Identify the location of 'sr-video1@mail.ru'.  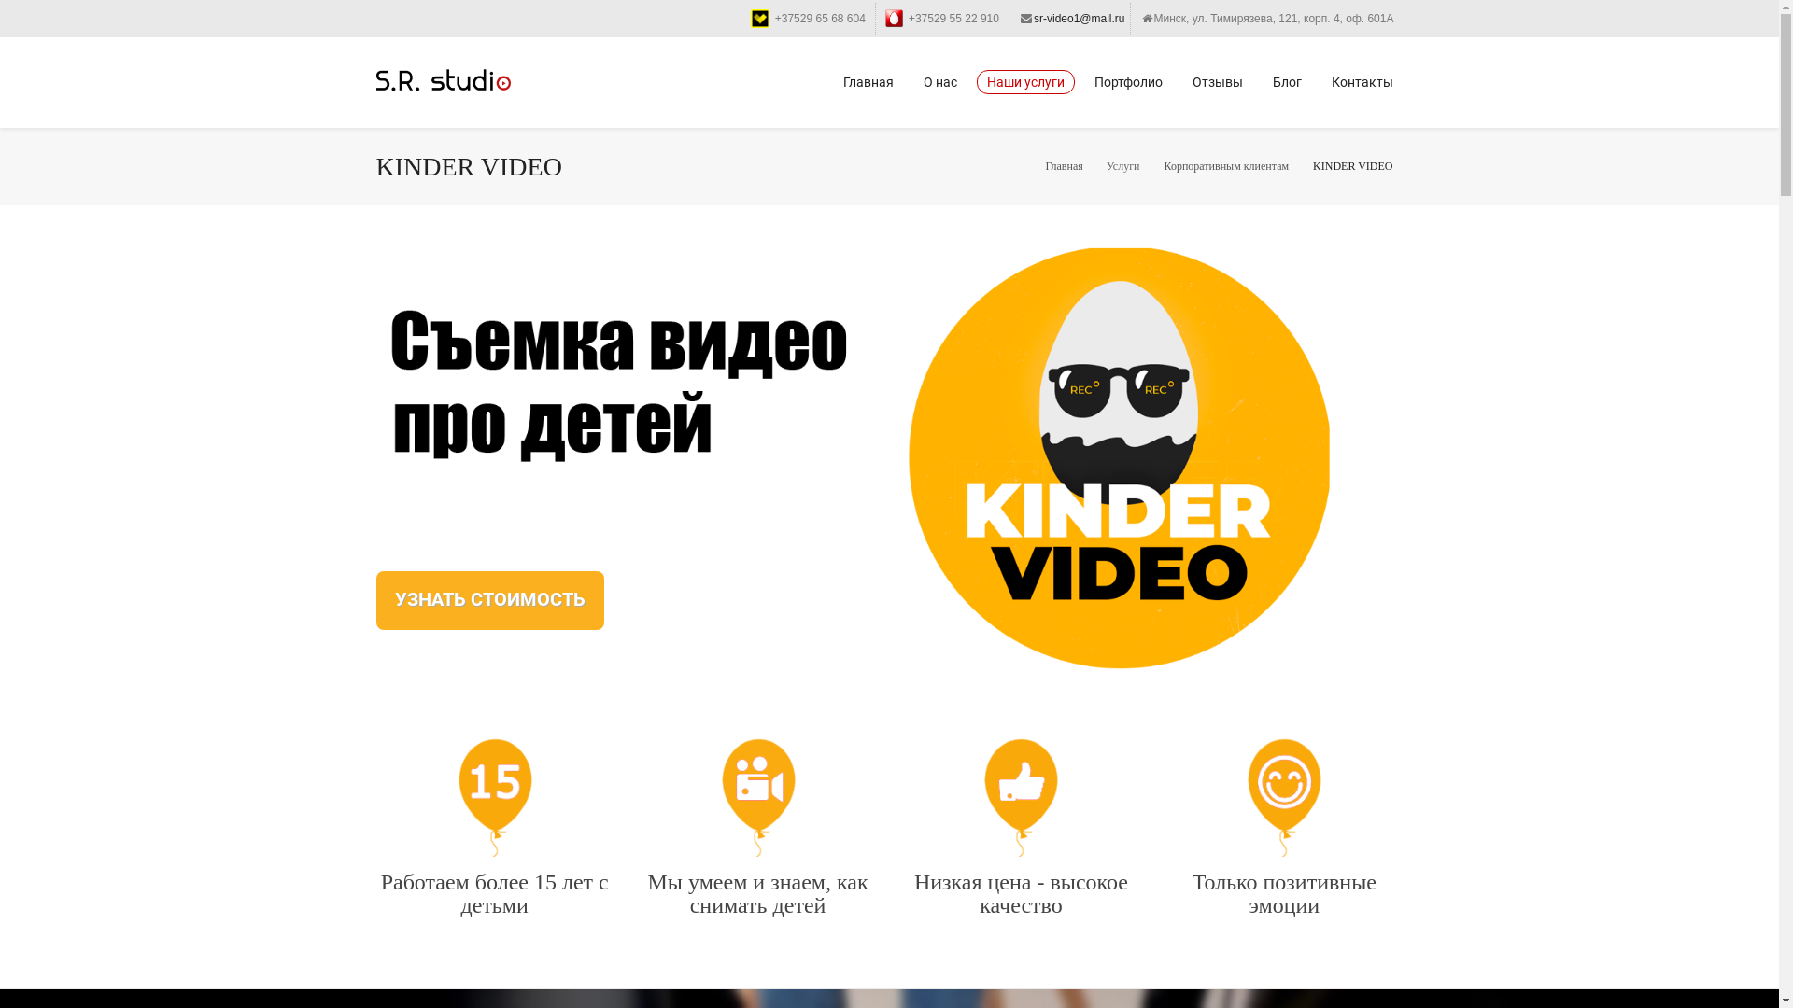
(1080, 18).